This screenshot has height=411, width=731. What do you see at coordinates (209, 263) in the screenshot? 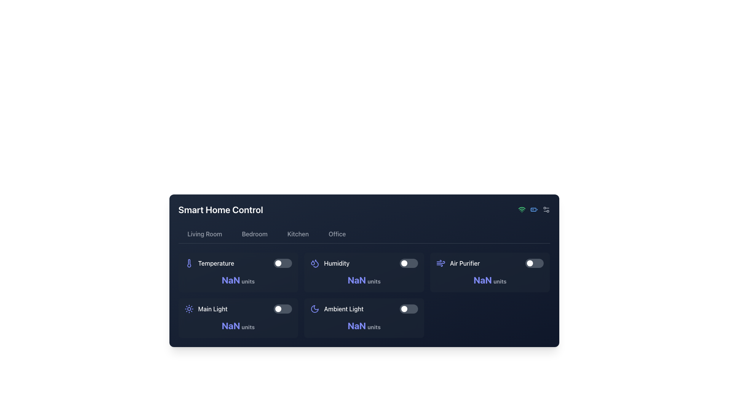
I see `the 'Temperature' label with the thermometer icon located in the top-left corner of the 'Smart Home Control' interface` at bounding box center [209, 263].